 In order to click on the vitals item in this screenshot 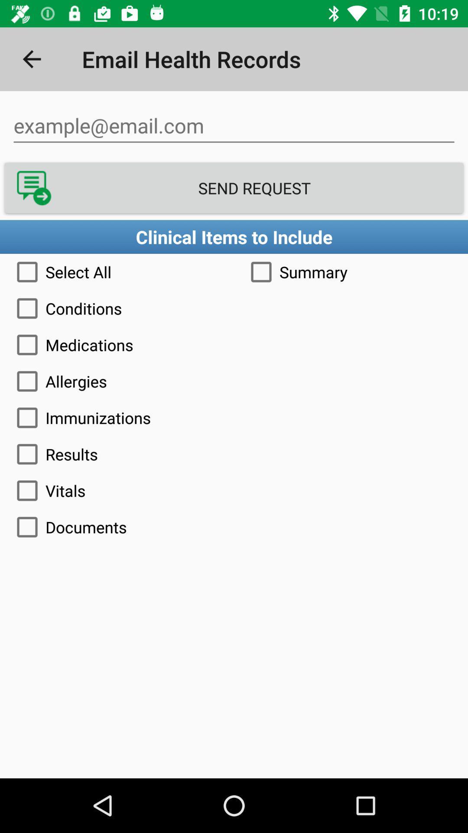, I will do `click(234, 491)`.